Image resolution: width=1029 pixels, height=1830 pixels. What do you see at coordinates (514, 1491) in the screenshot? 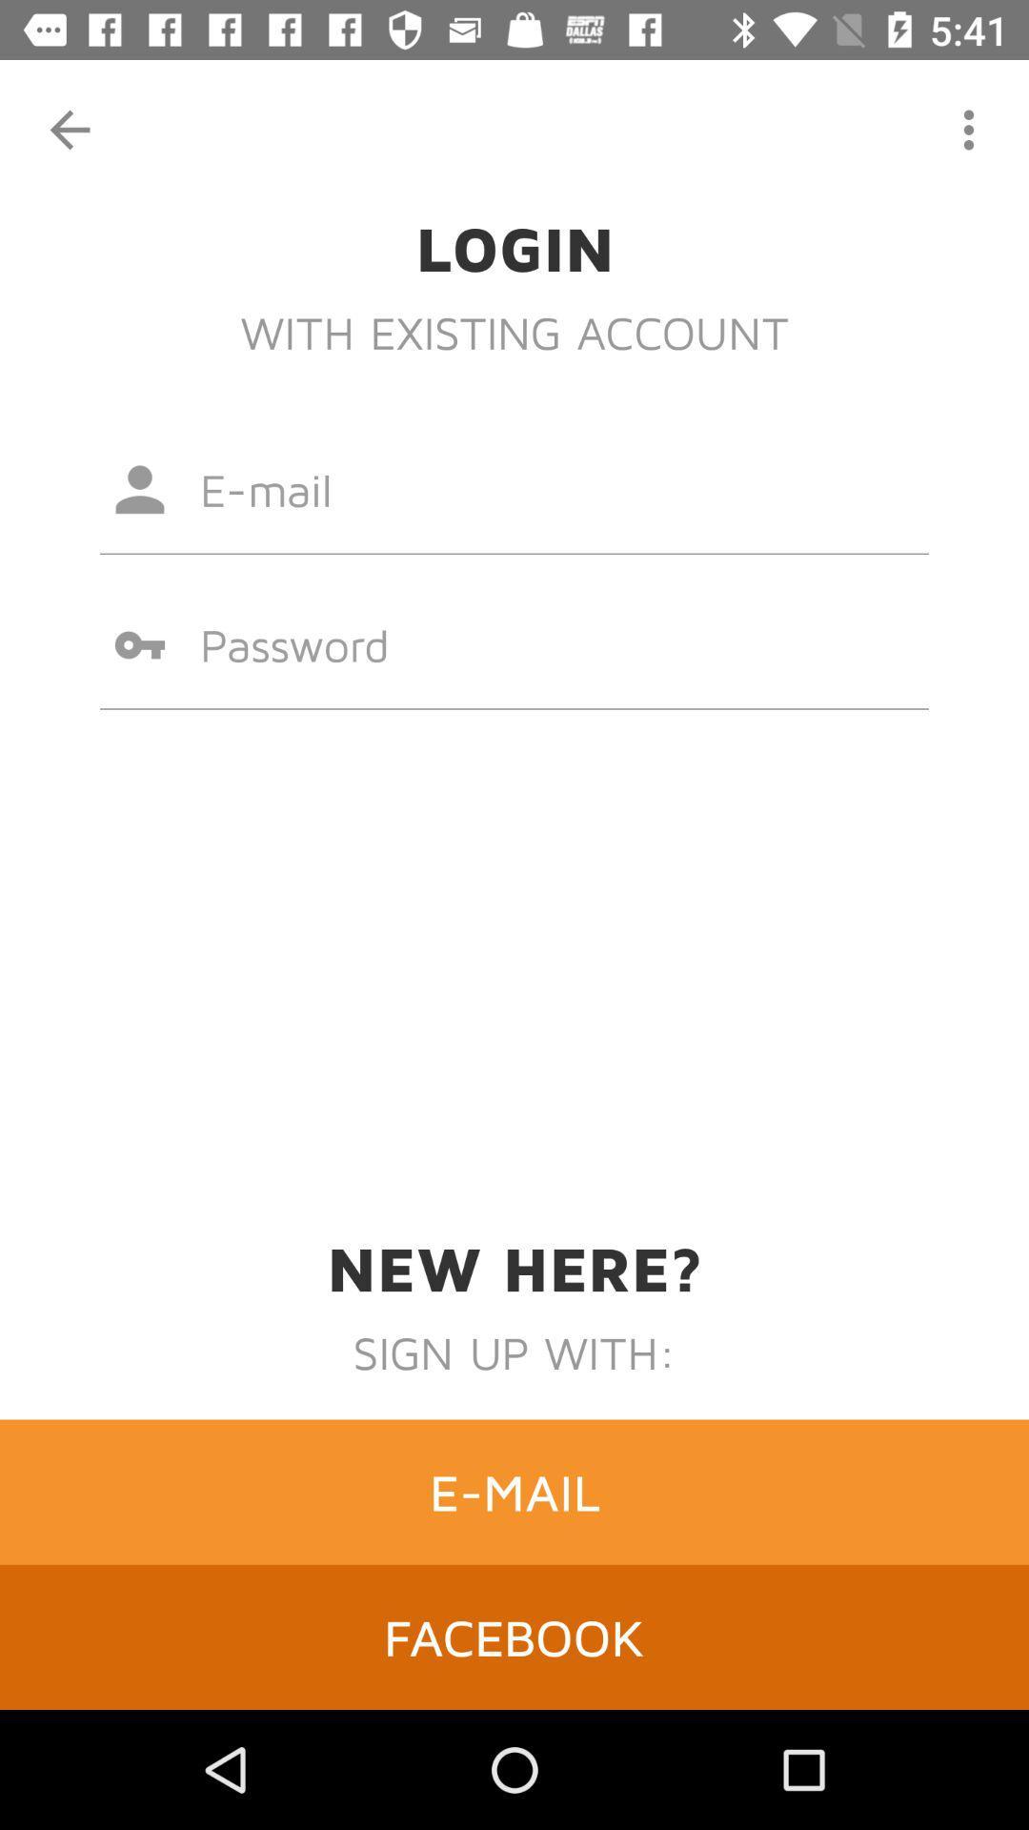
I see `the item above facebook` at bounding box center [514, 1491].